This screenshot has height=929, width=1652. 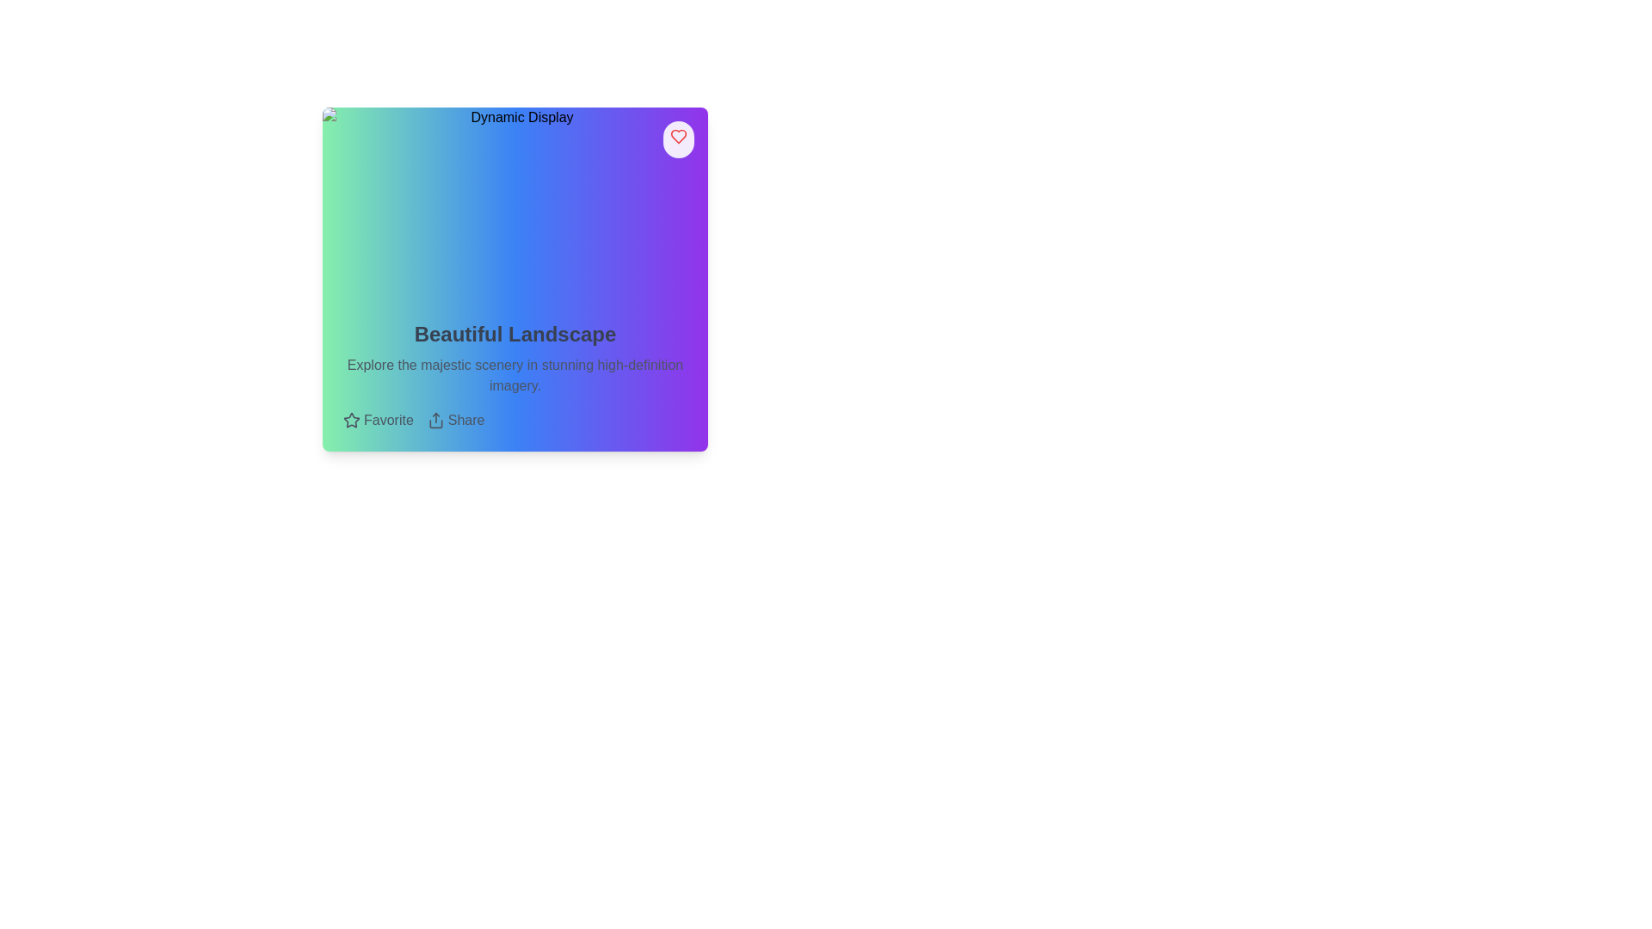 What do you see at coordinates (515, 335) in the screenshot?
I see `the text label displaying 'Beautiful Landscape', which is a bold, black font centered above the descriptive text within the content card` at bounding box center [515, 335].